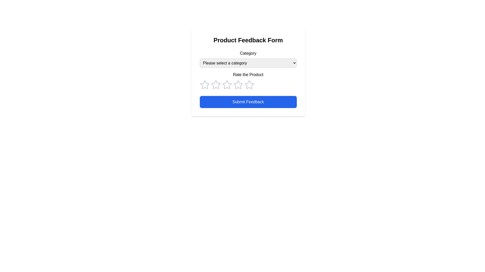  What do you see at coordinates (226, 84) in the screenshot?
I see `the second star icon in the row of five stars` at bounding box center [226, 84].